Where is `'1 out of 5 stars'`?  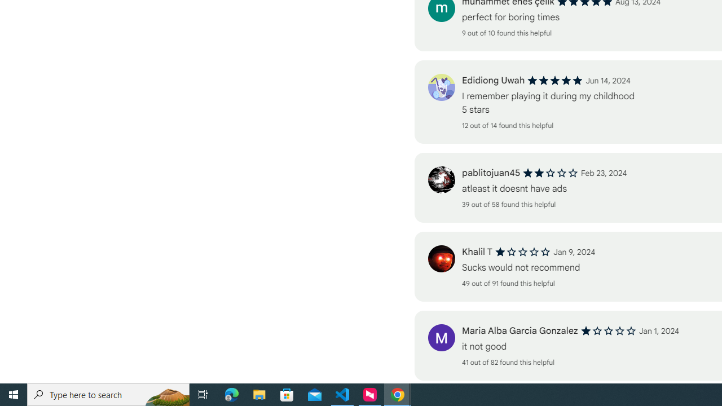 '1 out of 5 stars' is located at coordinates (607, 330).